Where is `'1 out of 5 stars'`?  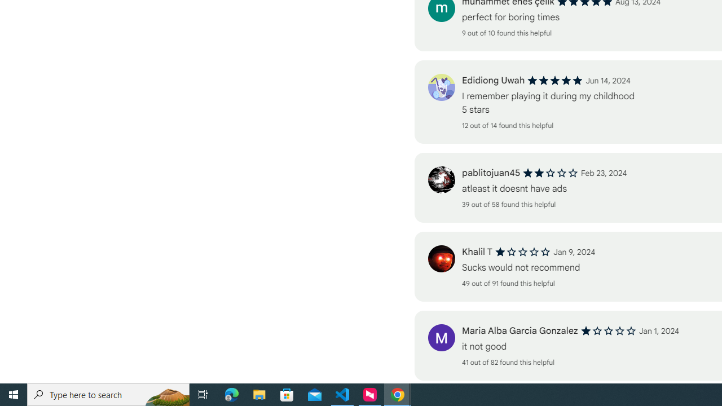 '1 out of 5 stars' is located at coordinates (607, 330).